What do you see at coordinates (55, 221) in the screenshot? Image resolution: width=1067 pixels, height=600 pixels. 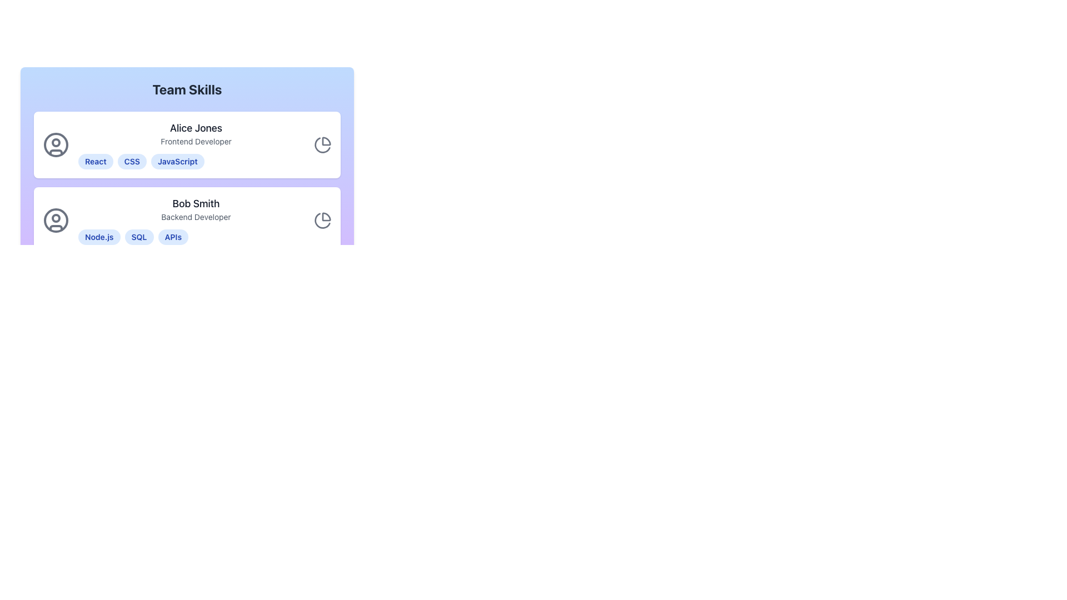 I see `the central circular vector graphic in the user's profile section on the Team Skills interface, located to the left of 'Bob Smith - Backend Developer'` at bounding box center [55, 221].